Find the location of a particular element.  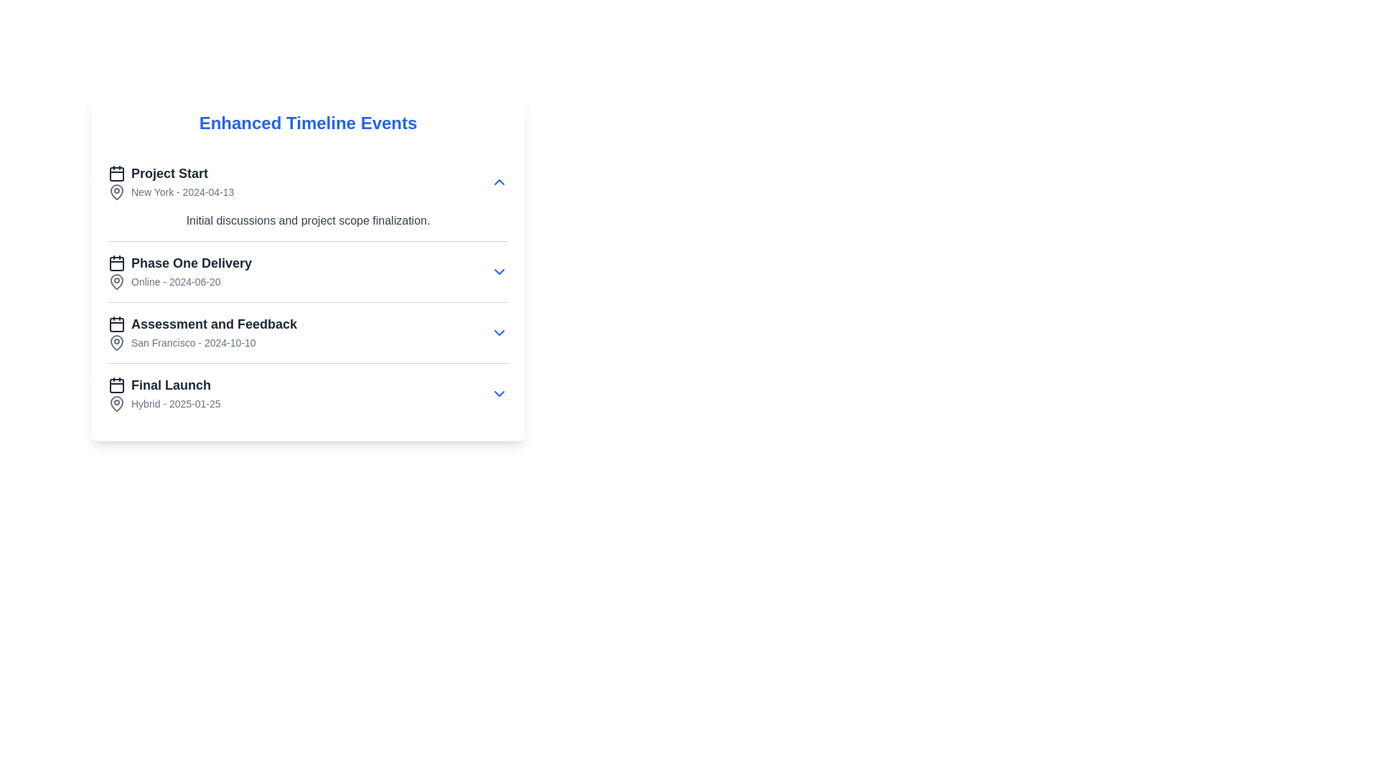

the calendar icon located to the left of the 'Final Launch' text, which is part of the fourth list item in the timeline interface for interaction is located at coordinates (117, 384).